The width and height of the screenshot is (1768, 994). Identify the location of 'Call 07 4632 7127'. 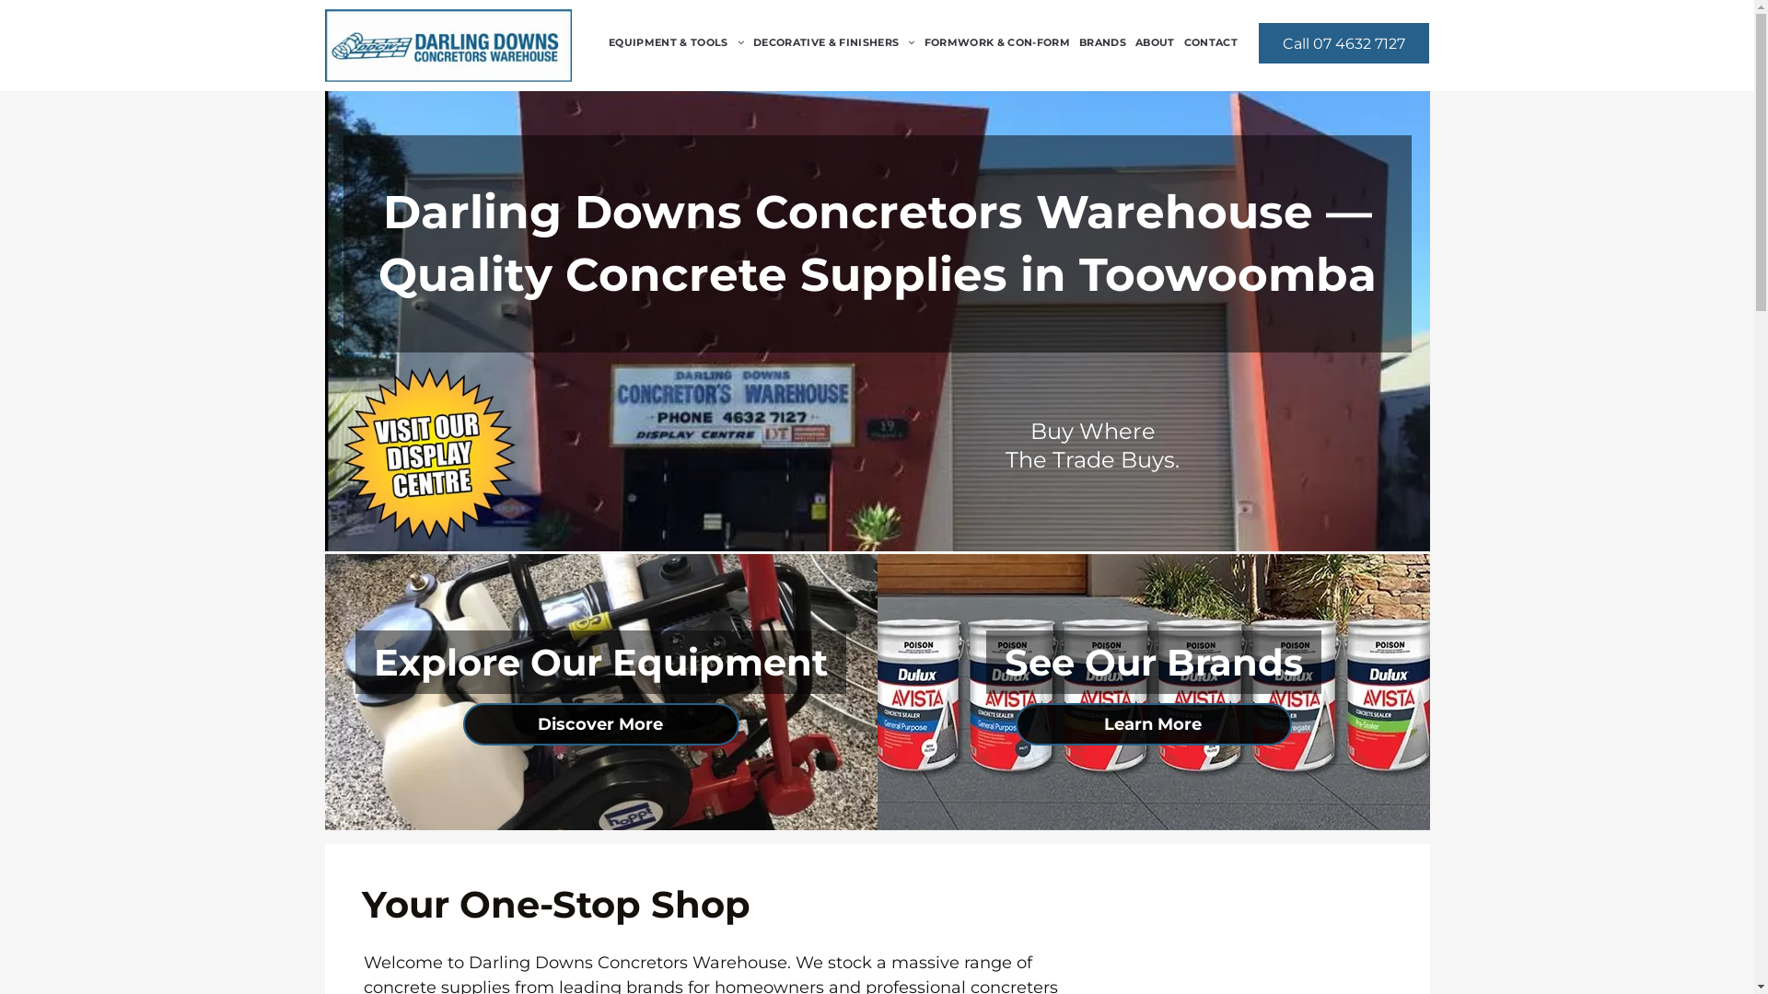
(1343, 41).